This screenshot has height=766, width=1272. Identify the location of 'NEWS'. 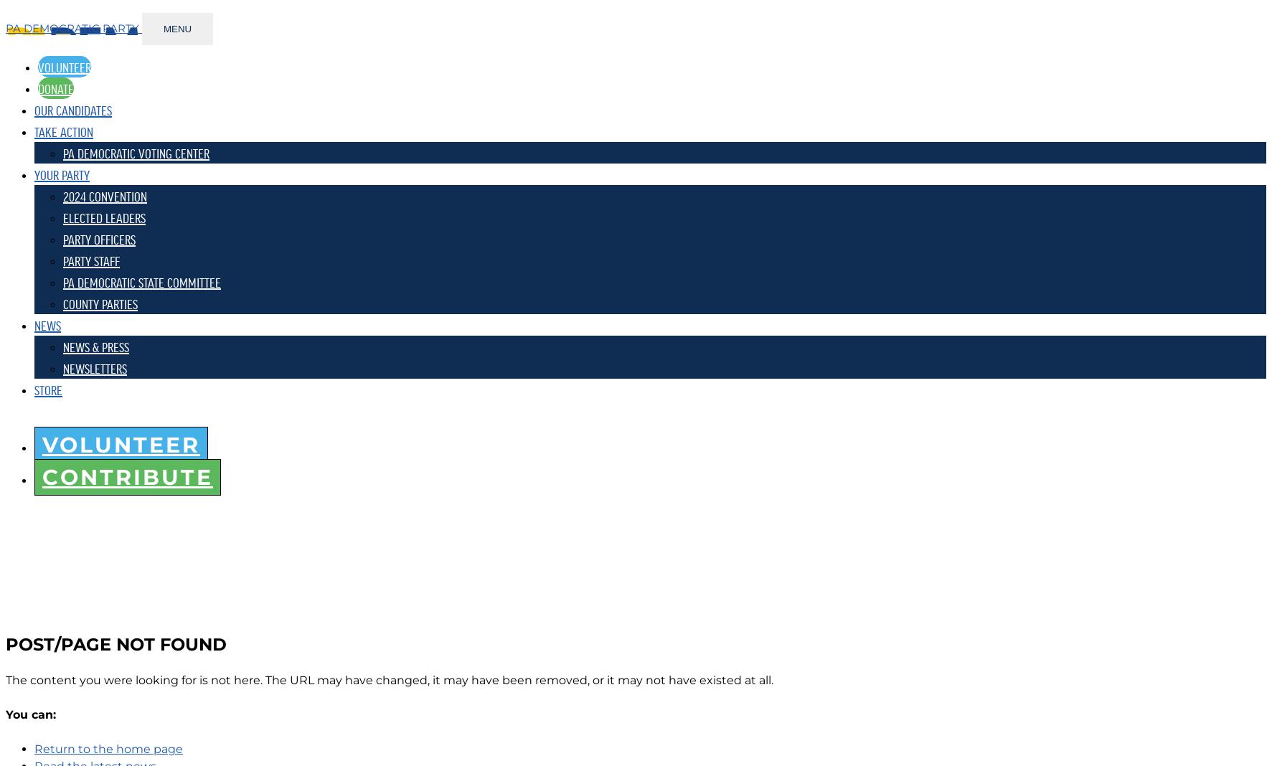
(47, 325).